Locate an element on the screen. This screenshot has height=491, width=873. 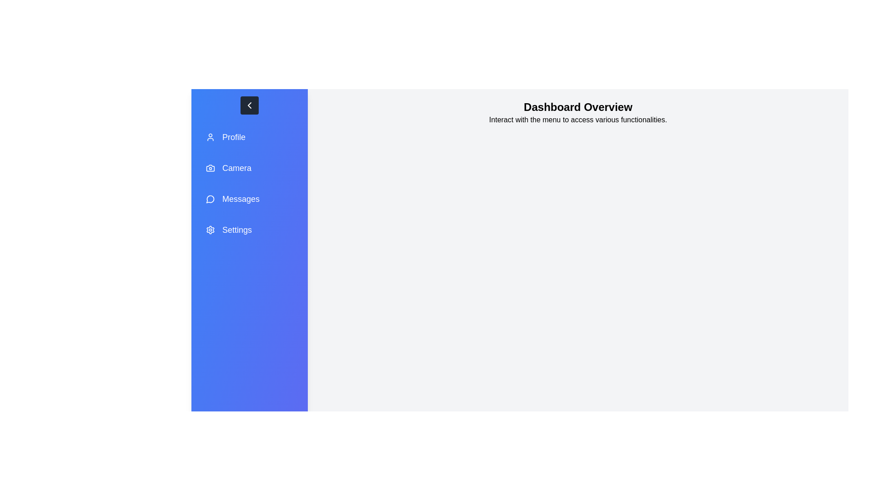
the menu item labeled Messages to navigate to the respective section is located at coordinates (249, 199).